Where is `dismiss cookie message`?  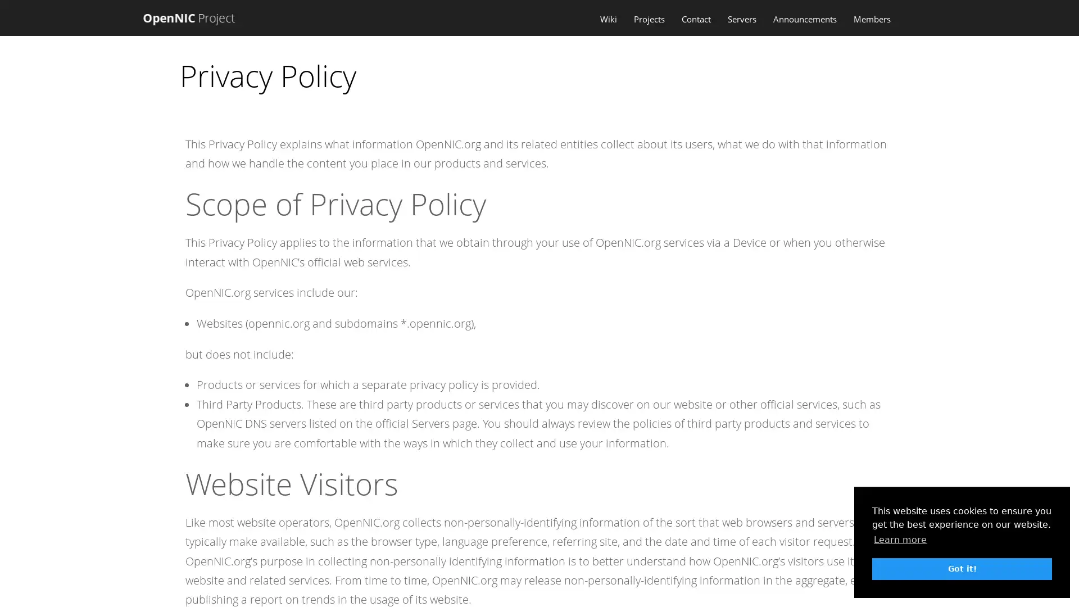
dismiss cookie message is located at coordinates (962, 568).